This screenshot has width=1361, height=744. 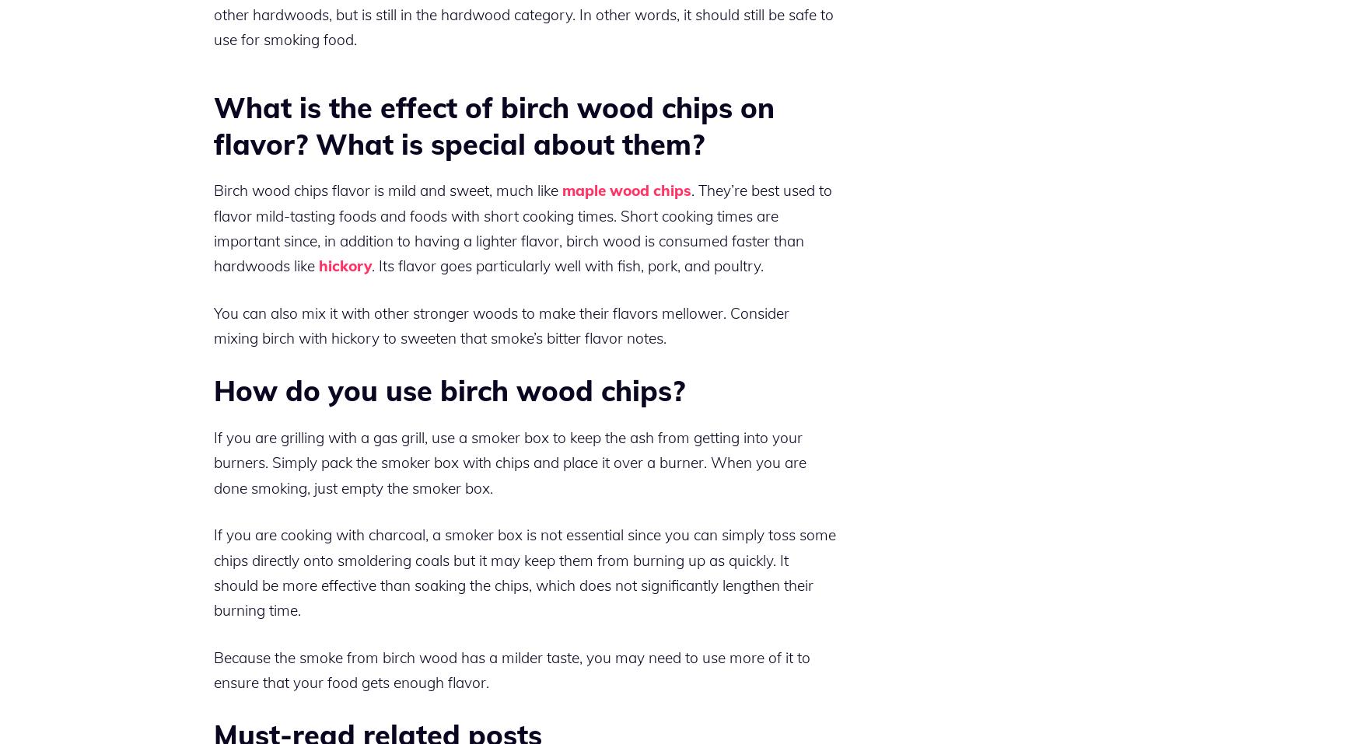 I want to click on 'You can also mix it with other stronger woods to make their flavors mellower. Consider mixing birch with hickory to sweeten that smoke’s bitter flavor notes.', so click(x=501, y=324).